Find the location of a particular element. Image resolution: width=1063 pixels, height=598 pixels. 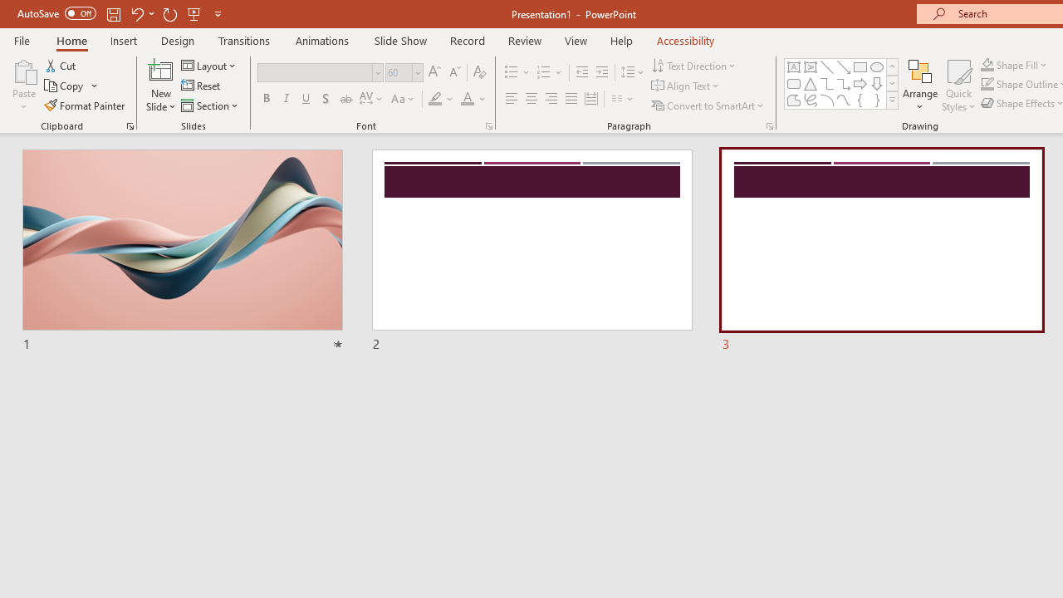

'Align Right' is located at coordinates (551, 99).